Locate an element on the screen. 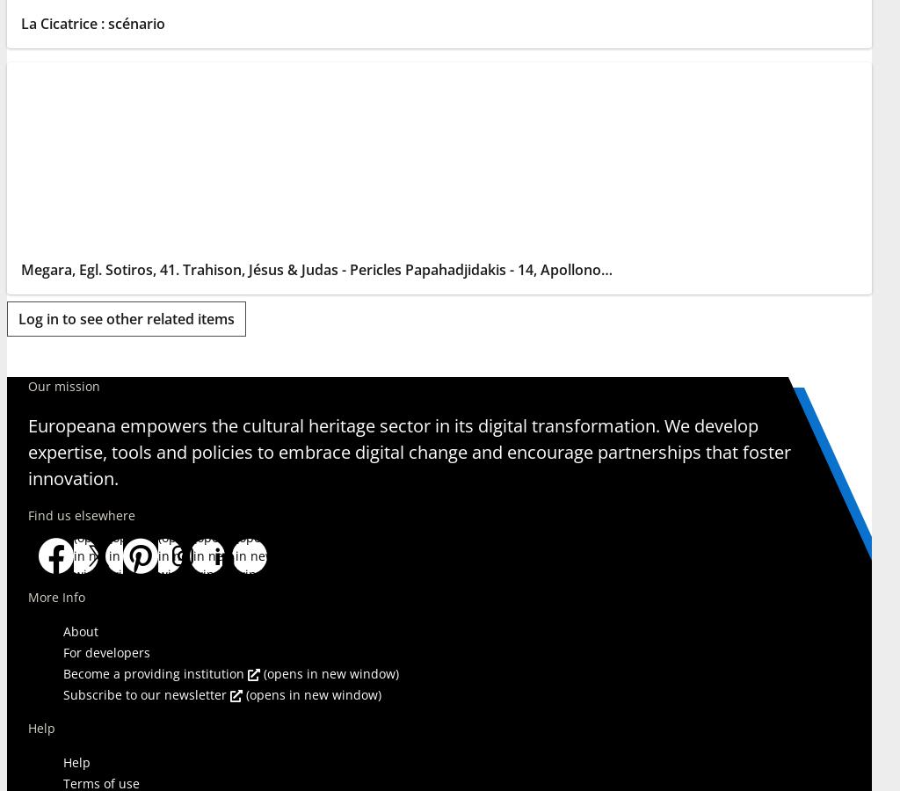  'La Cicatrice : scénario' is located at coordinates (92, 22).